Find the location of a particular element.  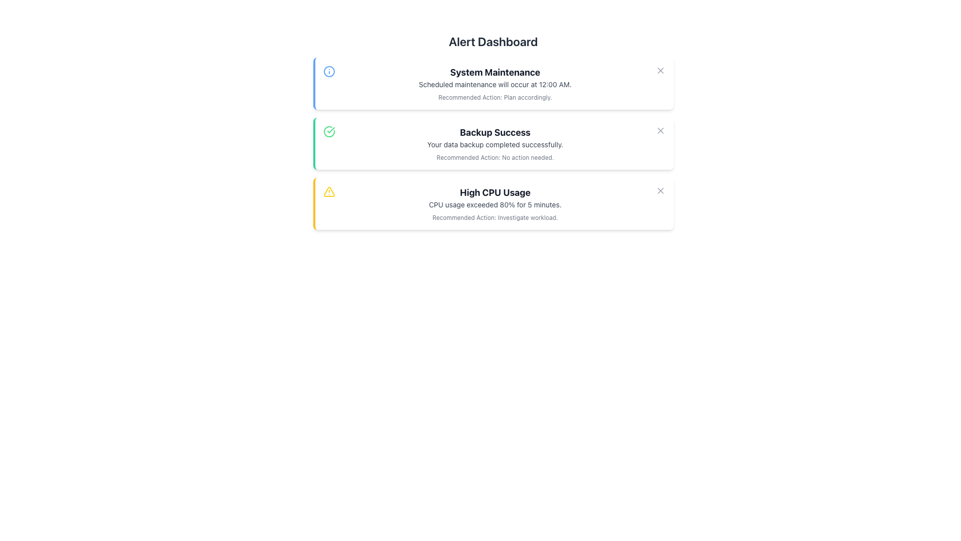

warning text block that communicates about CPU usage exceeding a threshold, positioned beneath the 'High CPU Usage' title is located at coordinates (495, 204).